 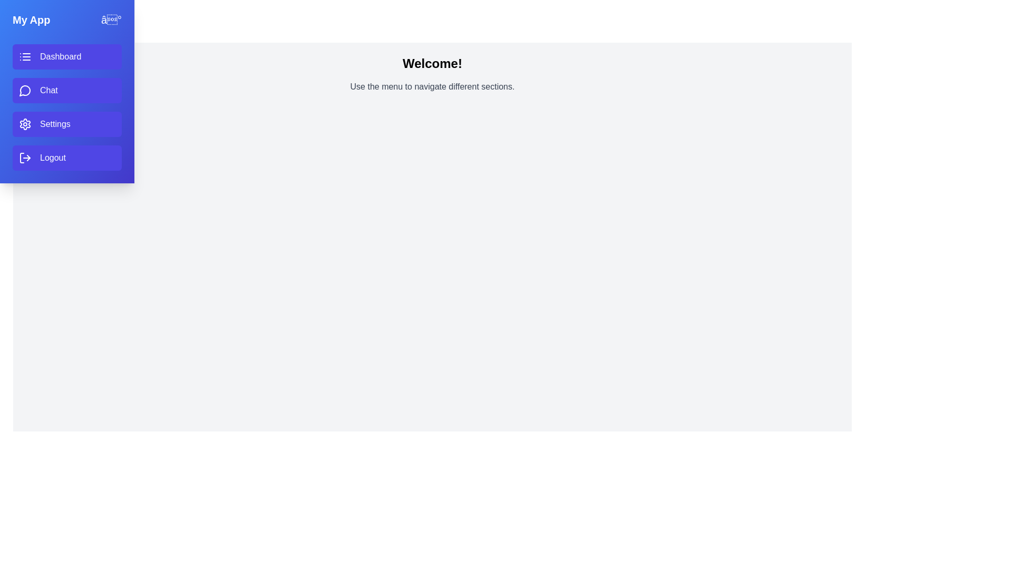 What do you see at coordinates (66, 158) in the screenshot?
I see `the menu item Logout to navigate to the corresponding section` at bounding box center [66, 158].